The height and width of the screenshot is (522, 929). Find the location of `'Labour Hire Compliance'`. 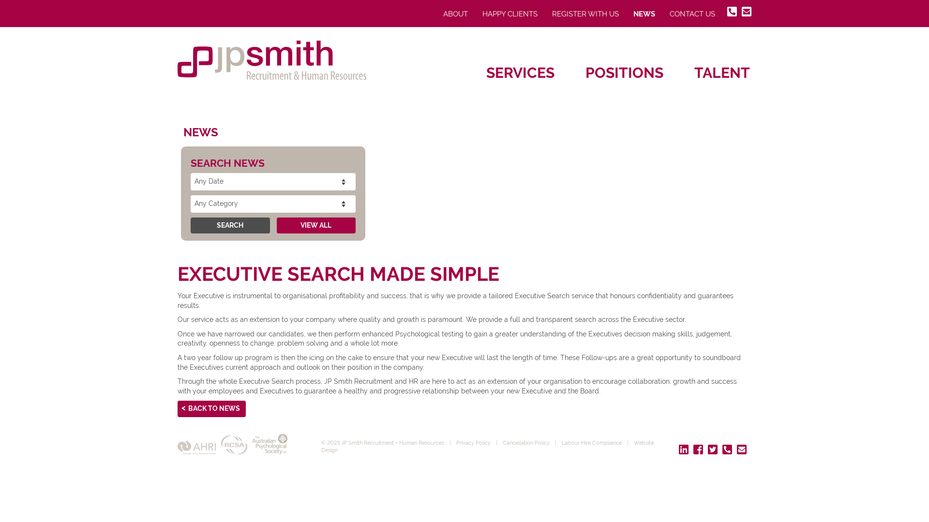

'Labour Hire Compliance' is located at coordinates (591, 442).